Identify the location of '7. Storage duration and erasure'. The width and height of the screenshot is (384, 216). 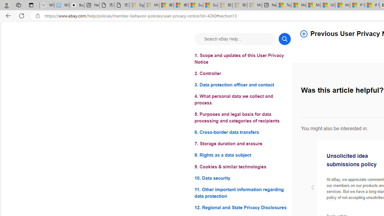
(242, 144).